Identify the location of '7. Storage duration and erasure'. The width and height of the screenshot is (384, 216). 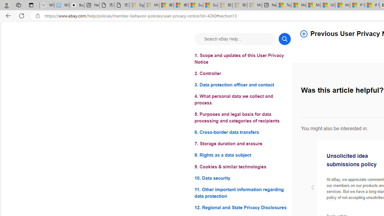
(242, 144).